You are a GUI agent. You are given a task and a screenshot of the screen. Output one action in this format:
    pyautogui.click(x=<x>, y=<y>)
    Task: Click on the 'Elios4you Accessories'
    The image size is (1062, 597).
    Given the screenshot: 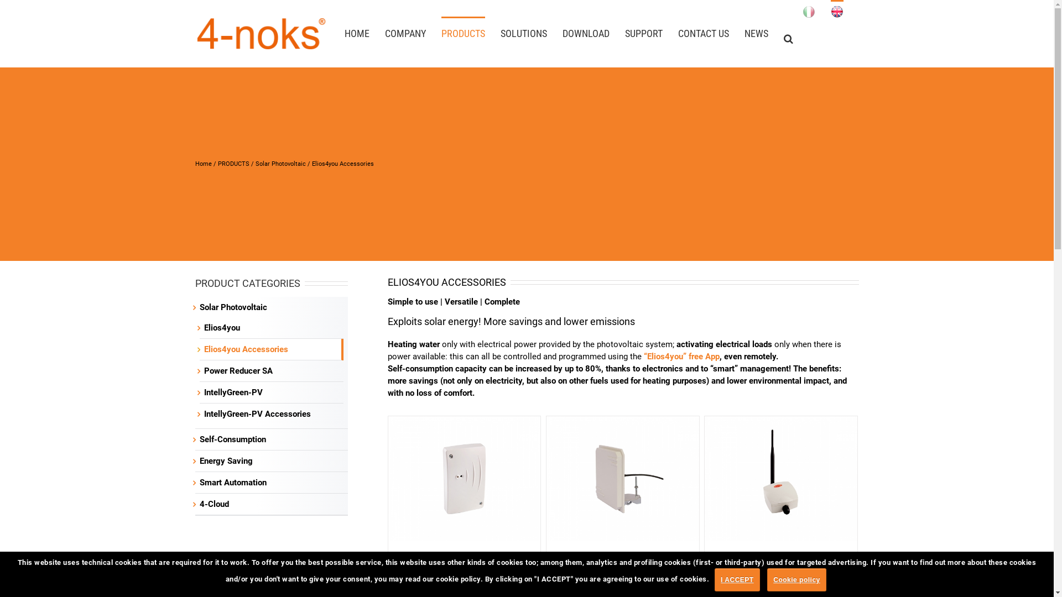 What is the action you would take?
    pyautogui.click(x=245, y=349)
    